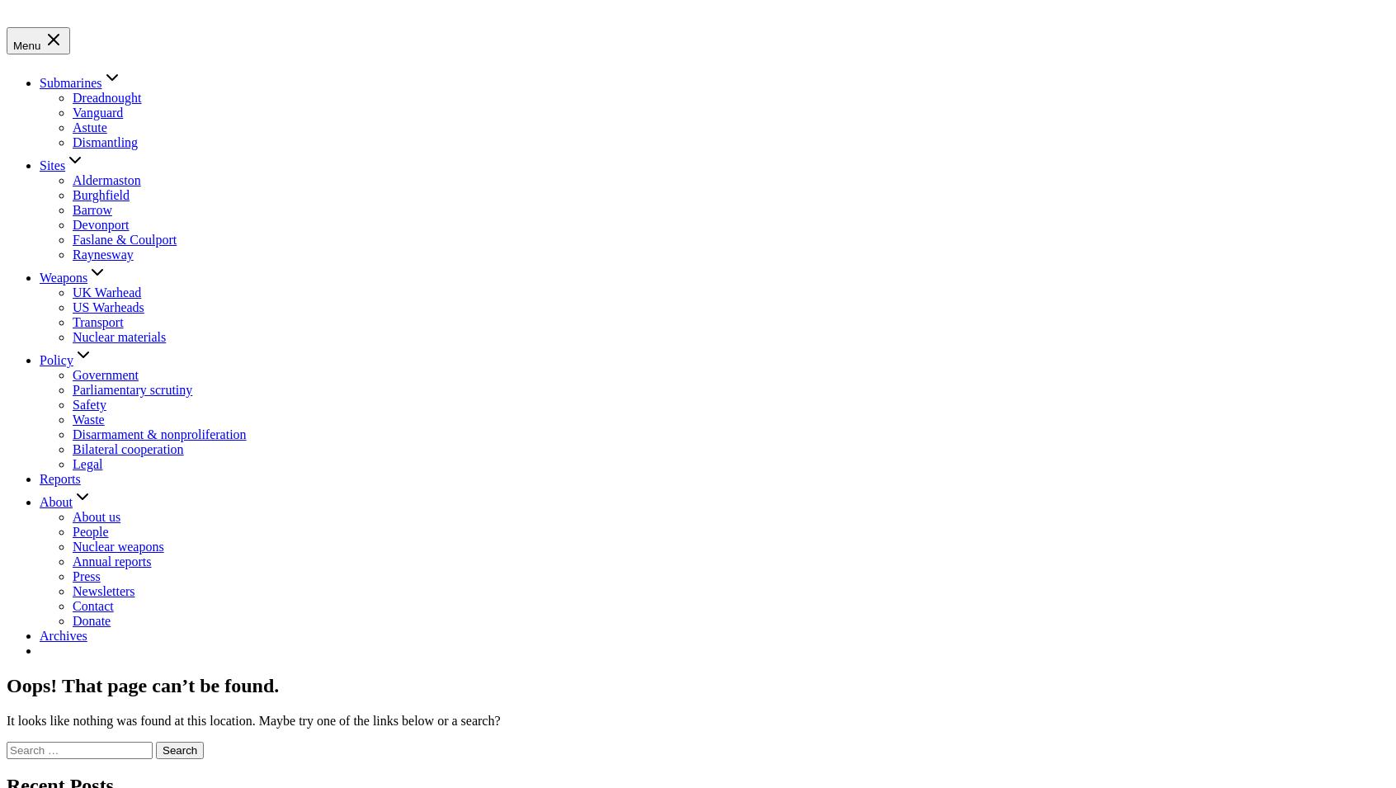 The height and width of the screenshot is (788, 1396). What do you see at coordinates (87, 463) in the screenshot?
I see `'Legal'` at bounding box center [87, 463].